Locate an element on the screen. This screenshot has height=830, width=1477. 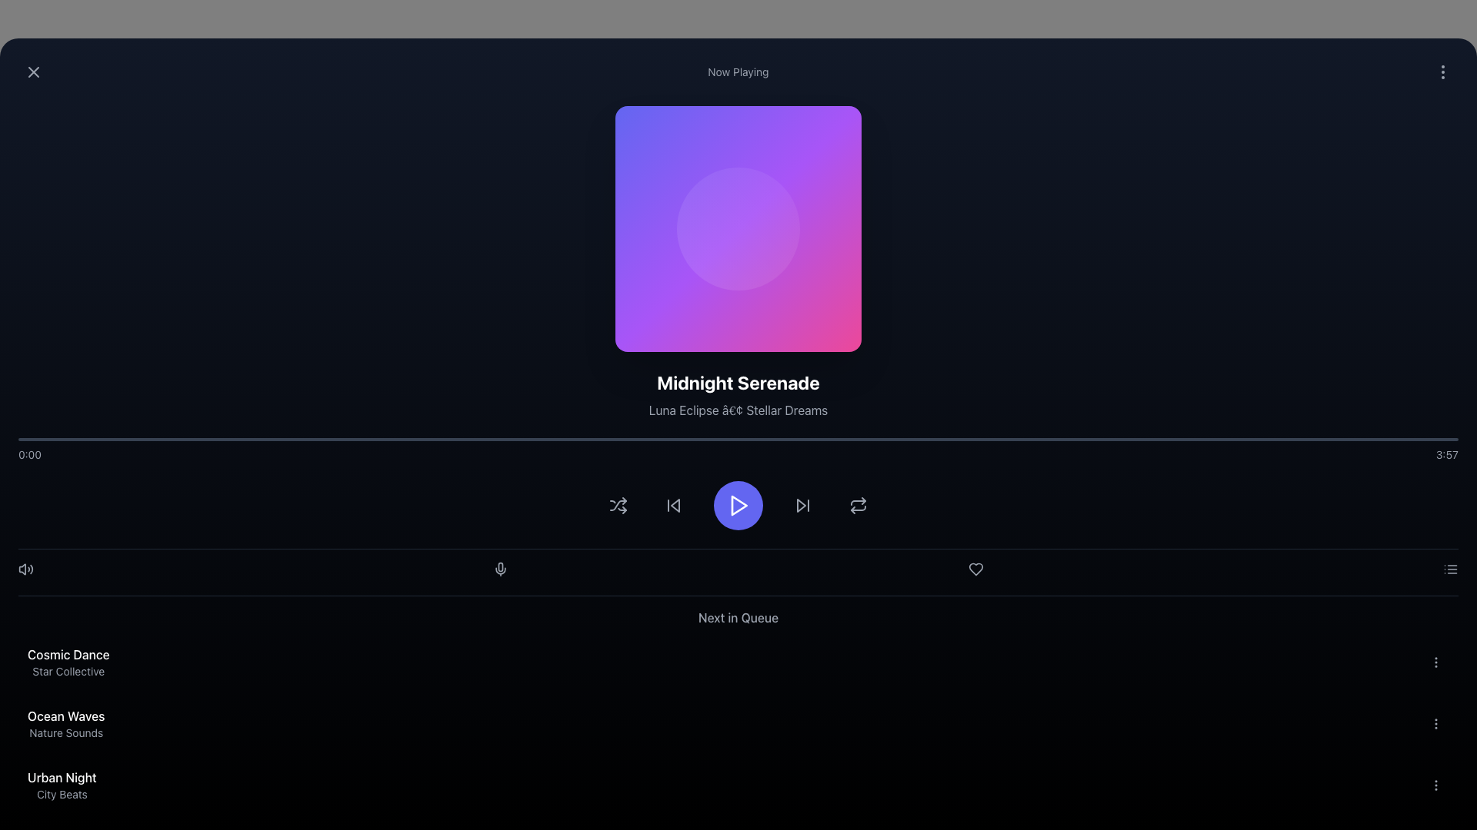
the centrally positioned play button with a blue circular background in the music playback control bar to initiate playback or pause the music is located at coordinates (738, 506).